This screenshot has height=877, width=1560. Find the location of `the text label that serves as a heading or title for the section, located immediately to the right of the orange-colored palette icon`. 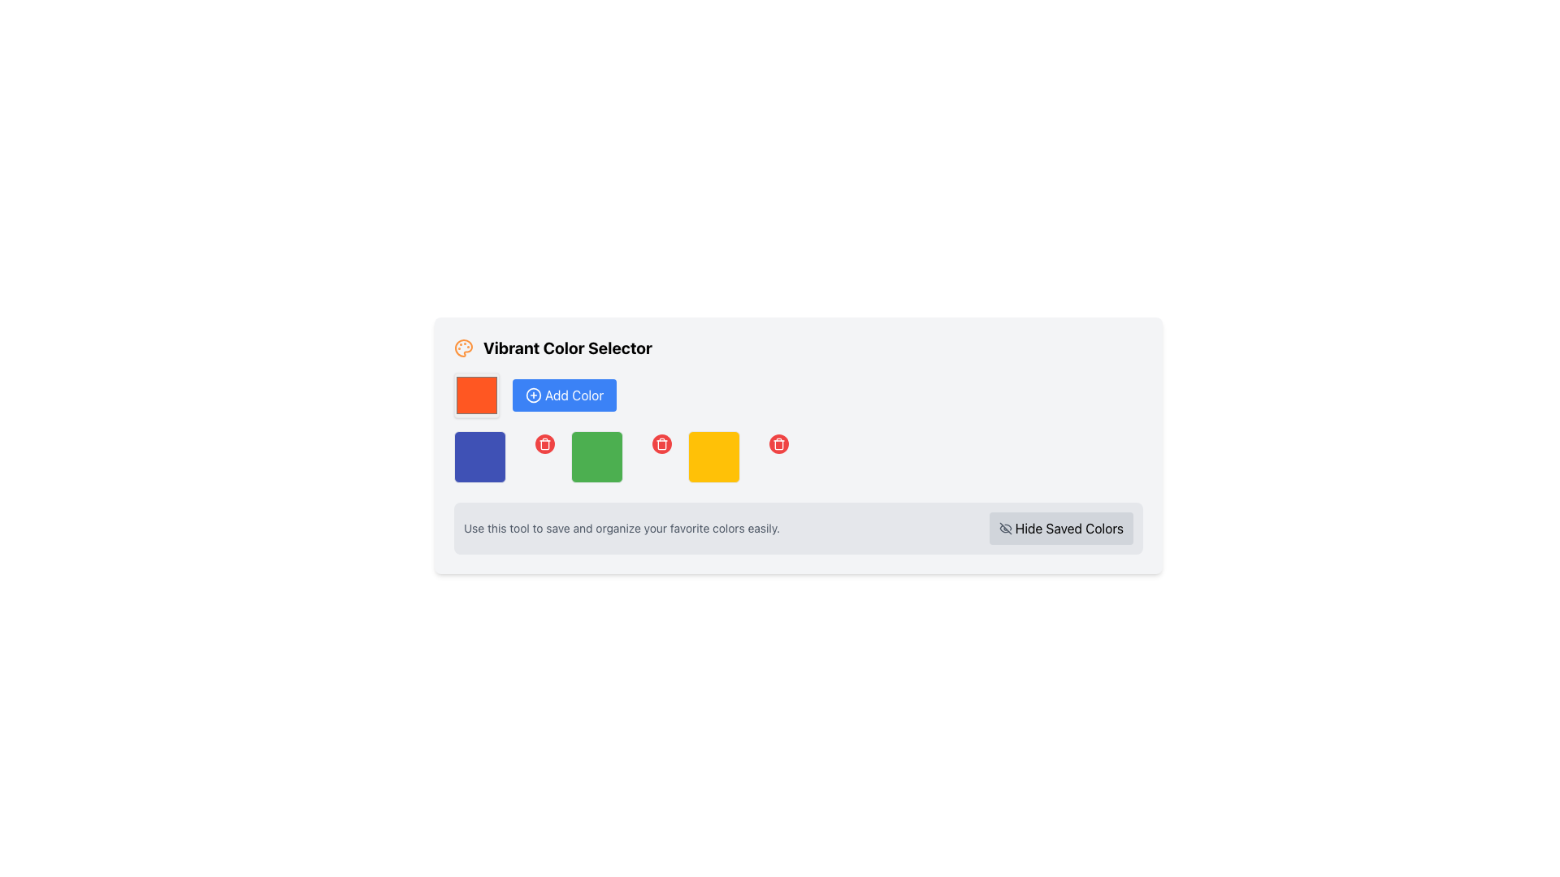

the text label that serves as a heading or title for the section, located immediately to the right of the orange-colored palette icon is located at coordinates (568, 347).